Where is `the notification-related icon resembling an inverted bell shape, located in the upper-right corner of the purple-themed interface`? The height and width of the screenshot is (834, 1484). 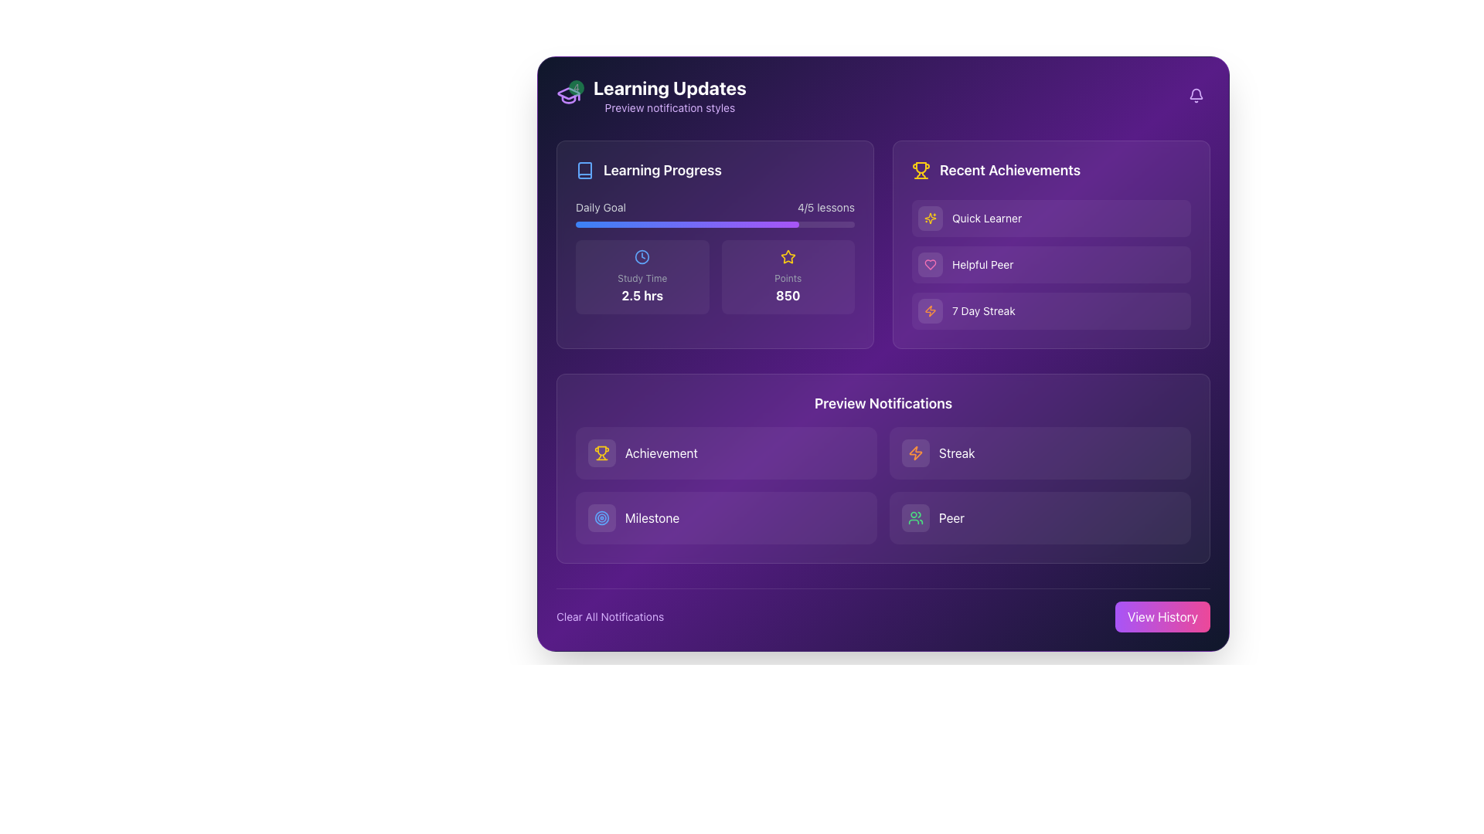 the notification-related icon resembling an inverted bell shape, located in the upper-right corner of the purple-themed interface is located at coordinates (1196, 93).